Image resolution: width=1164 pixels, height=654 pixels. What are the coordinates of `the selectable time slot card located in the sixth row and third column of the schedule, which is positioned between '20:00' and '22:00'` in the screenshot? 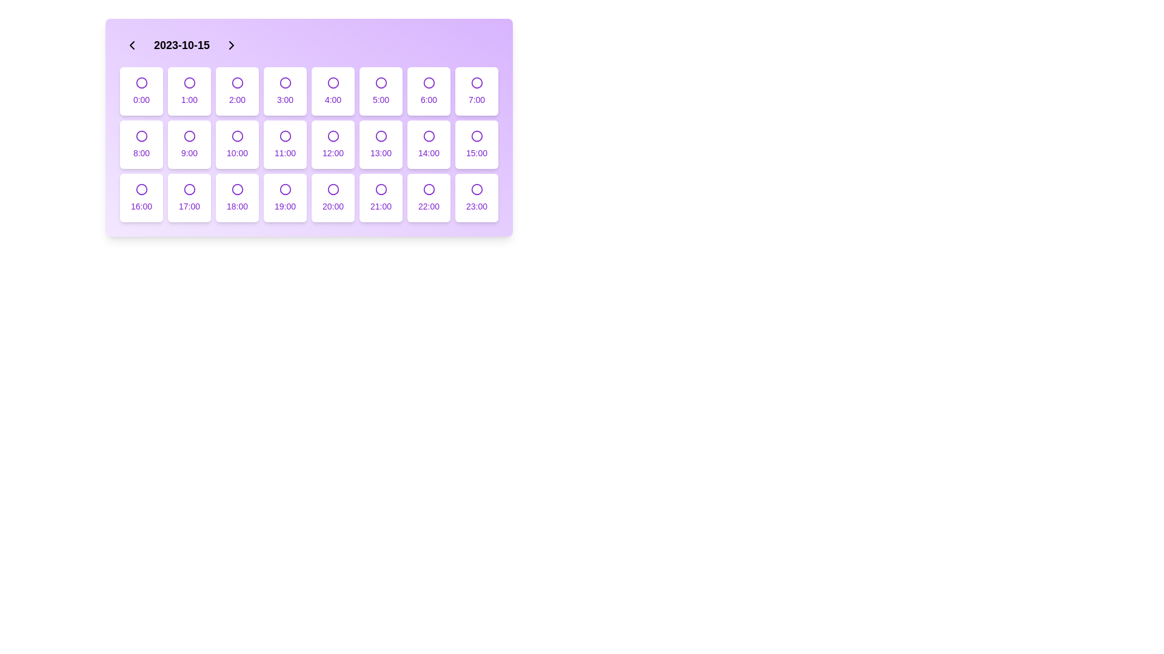 It's located at (380, 197).